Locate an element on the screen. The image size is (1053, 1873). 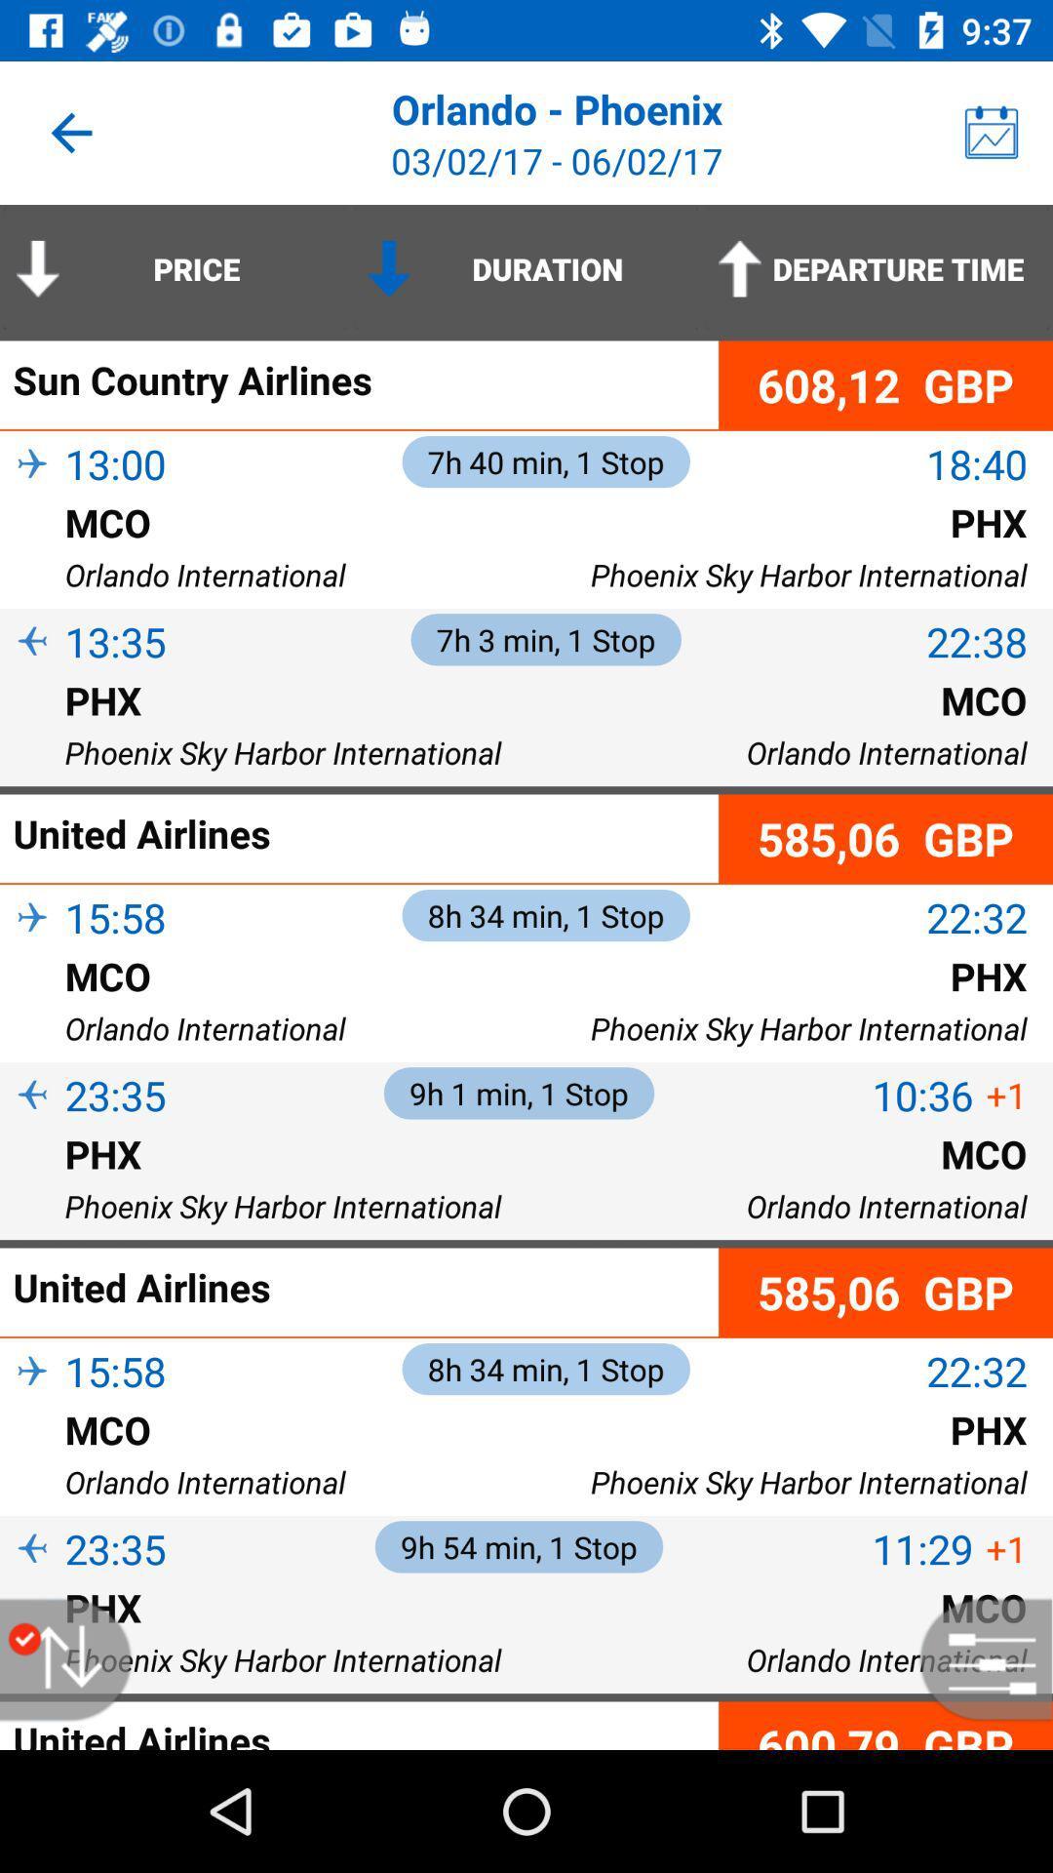
the icon above orlando international is located at coordinates (32, 1461).